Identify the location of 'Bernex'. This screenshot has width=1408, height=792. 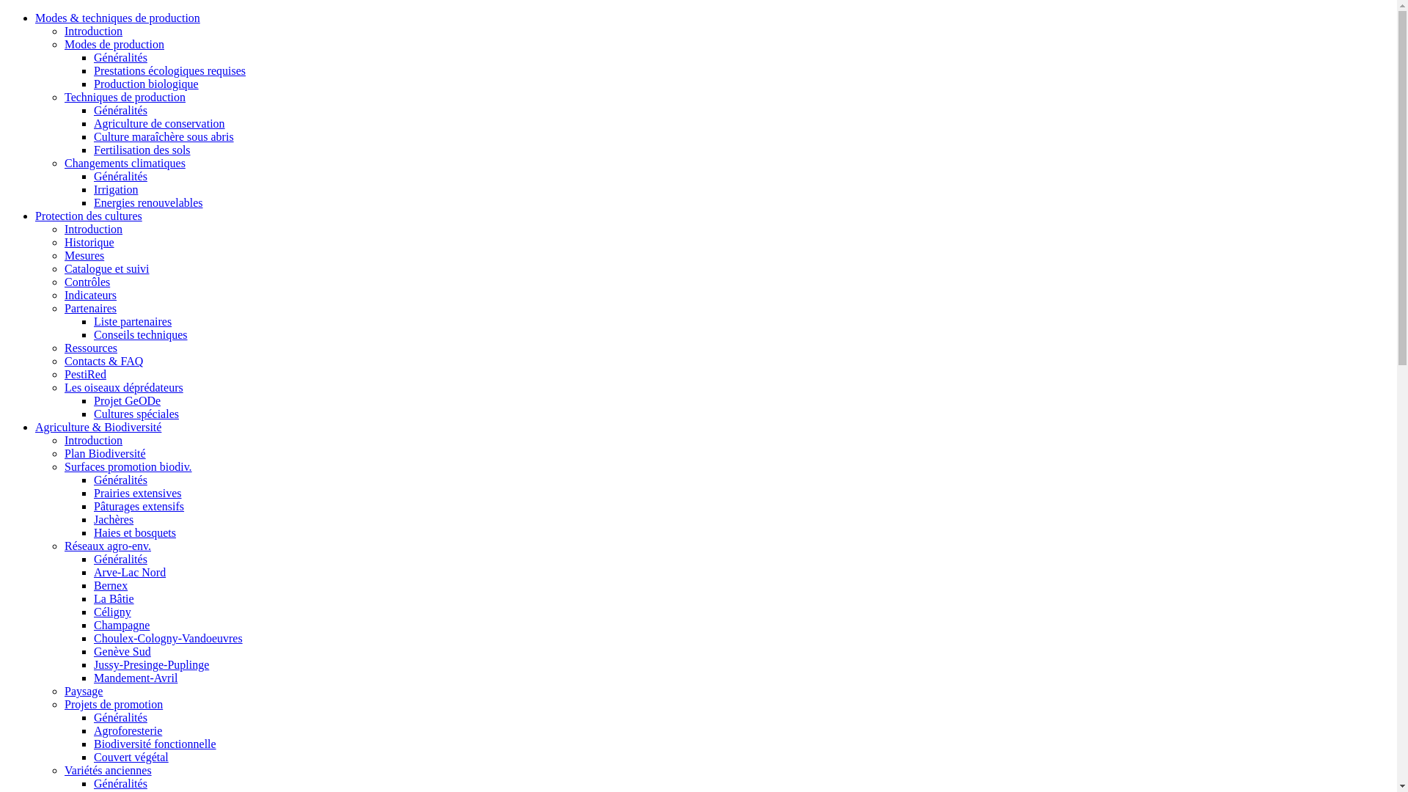
(93, 584).